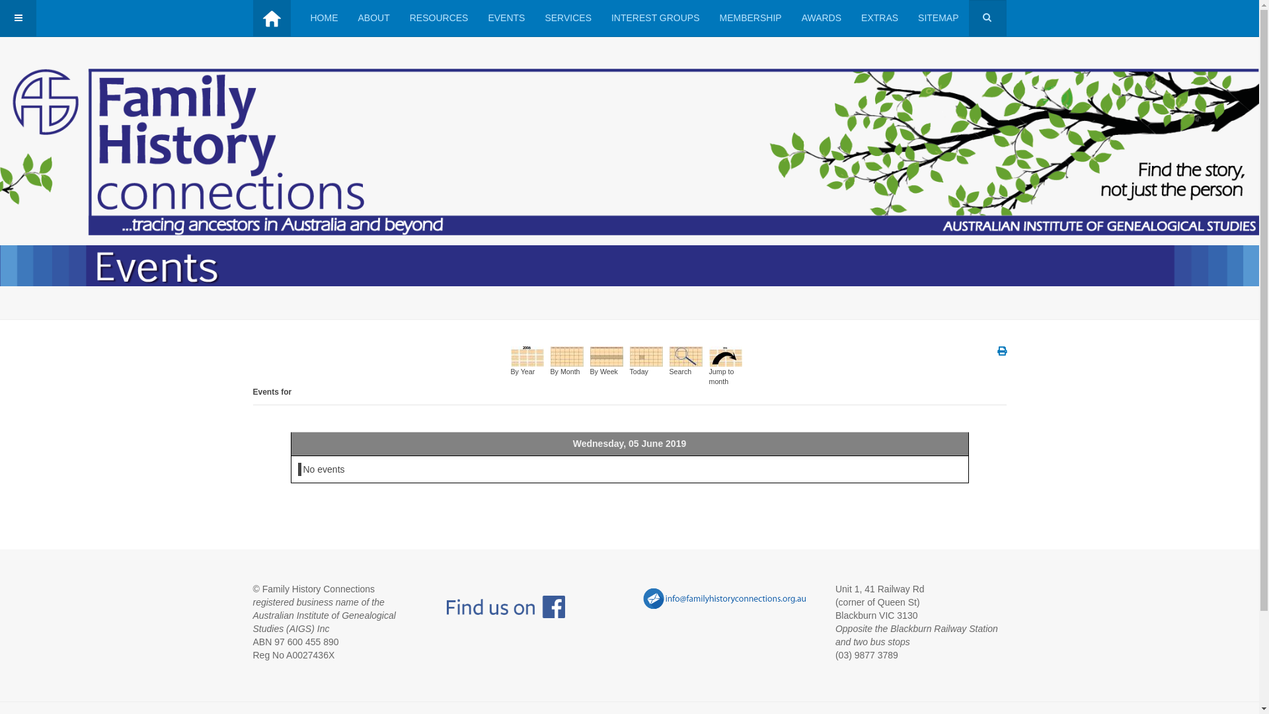 The height and width of the screenshot is (714, 1269). What do you see at coordinates (530, 601) in the screenshot?
I see `' '` at bounding box center [530, 601].